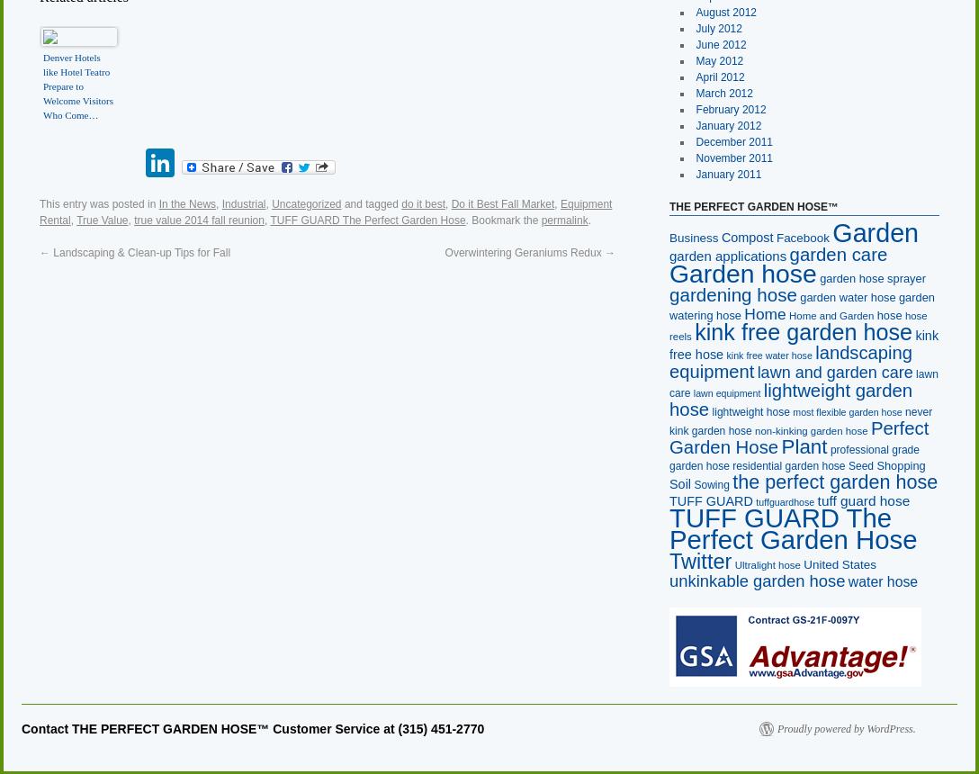 This screenshot has height=774, width=979. What do you see at coordinates (400, 203) in the screenshot?
I see `'do it best'` at bounding box center [400, 203].